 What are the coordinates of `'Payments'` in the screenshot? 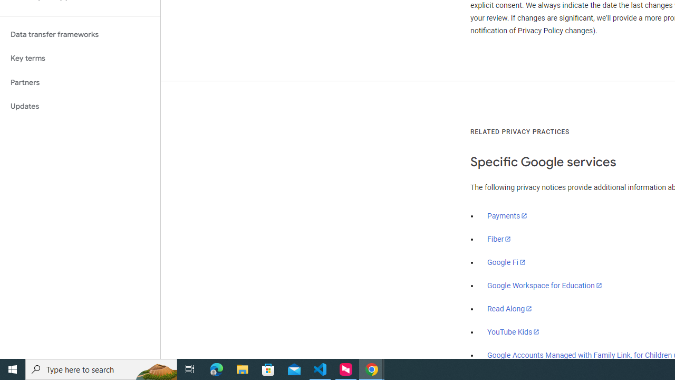 It's located at (507, 215).